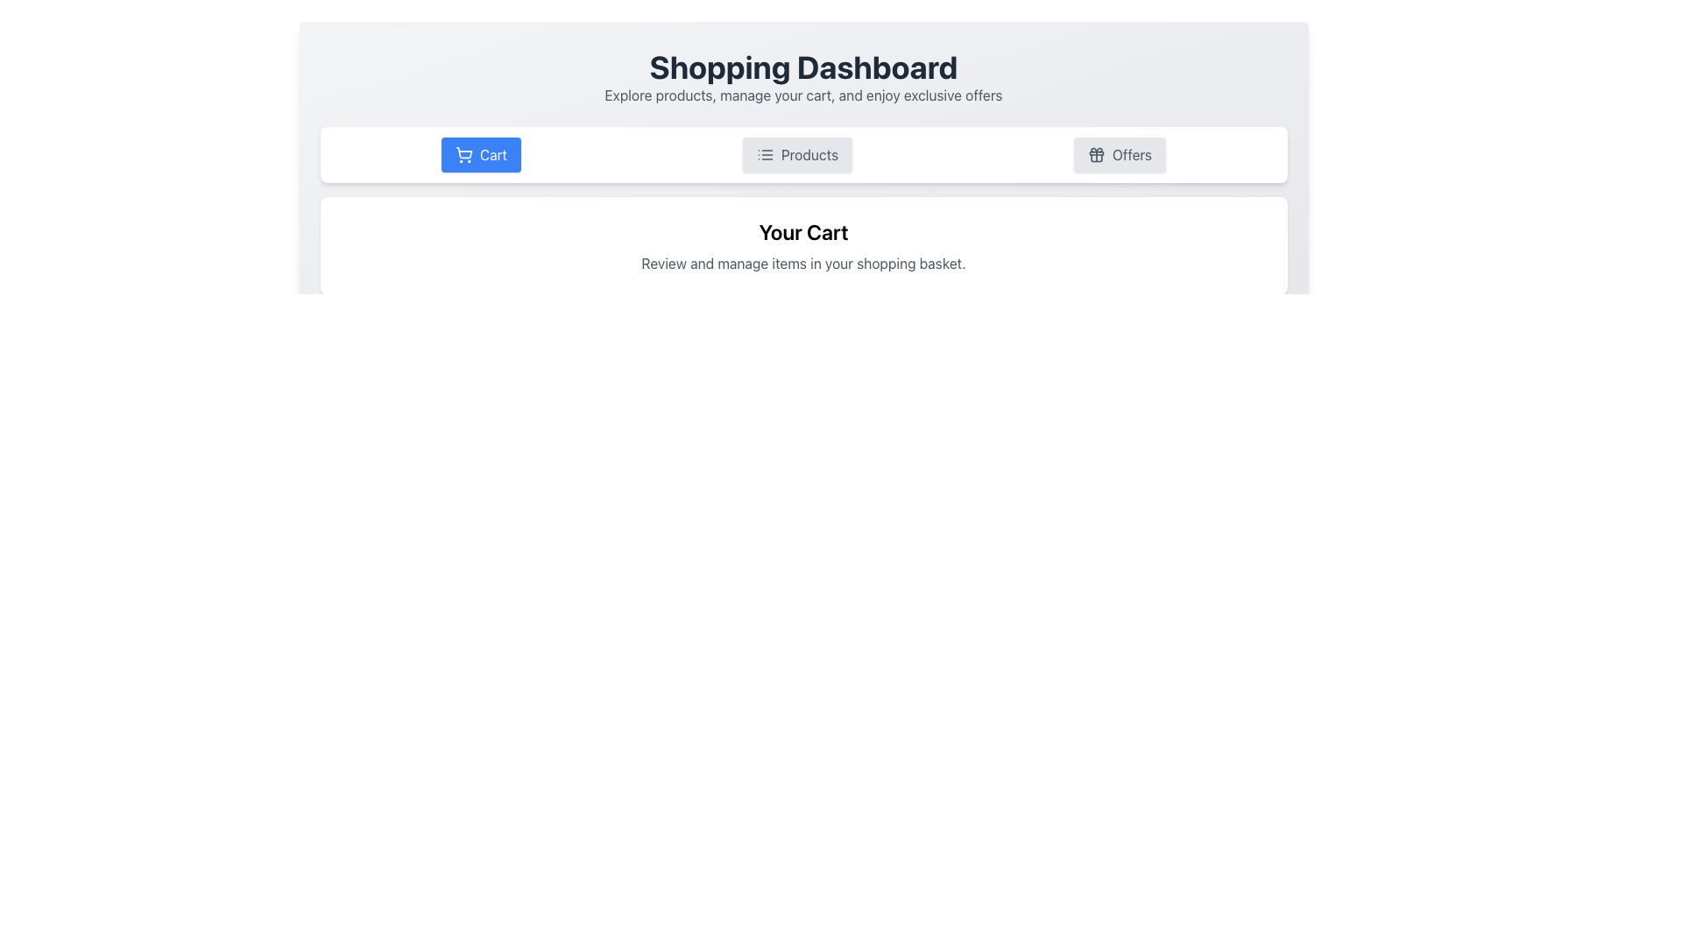 The height and width of the screenshot is (946, 1682). Describe the element at coordinates (802, 263) in the screenshot. I see `descriptive text label located below the 'Your Cart' heading, which provides supplementary guidance for the user` at that location.